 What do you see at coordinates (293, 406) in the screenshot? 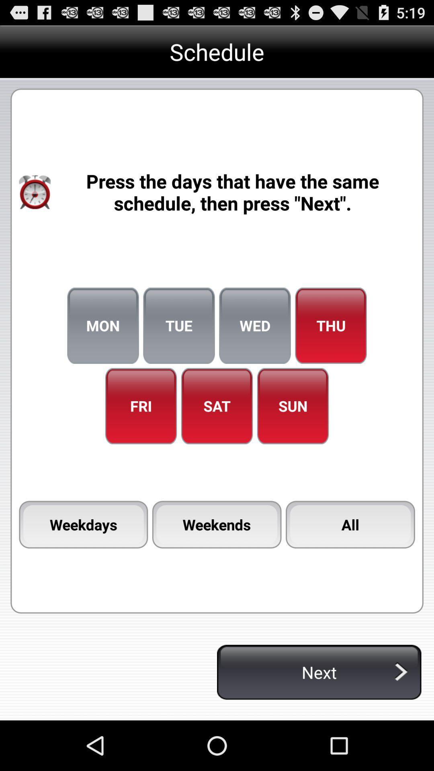
I see `sun icon` at bounding box center [293, 406].